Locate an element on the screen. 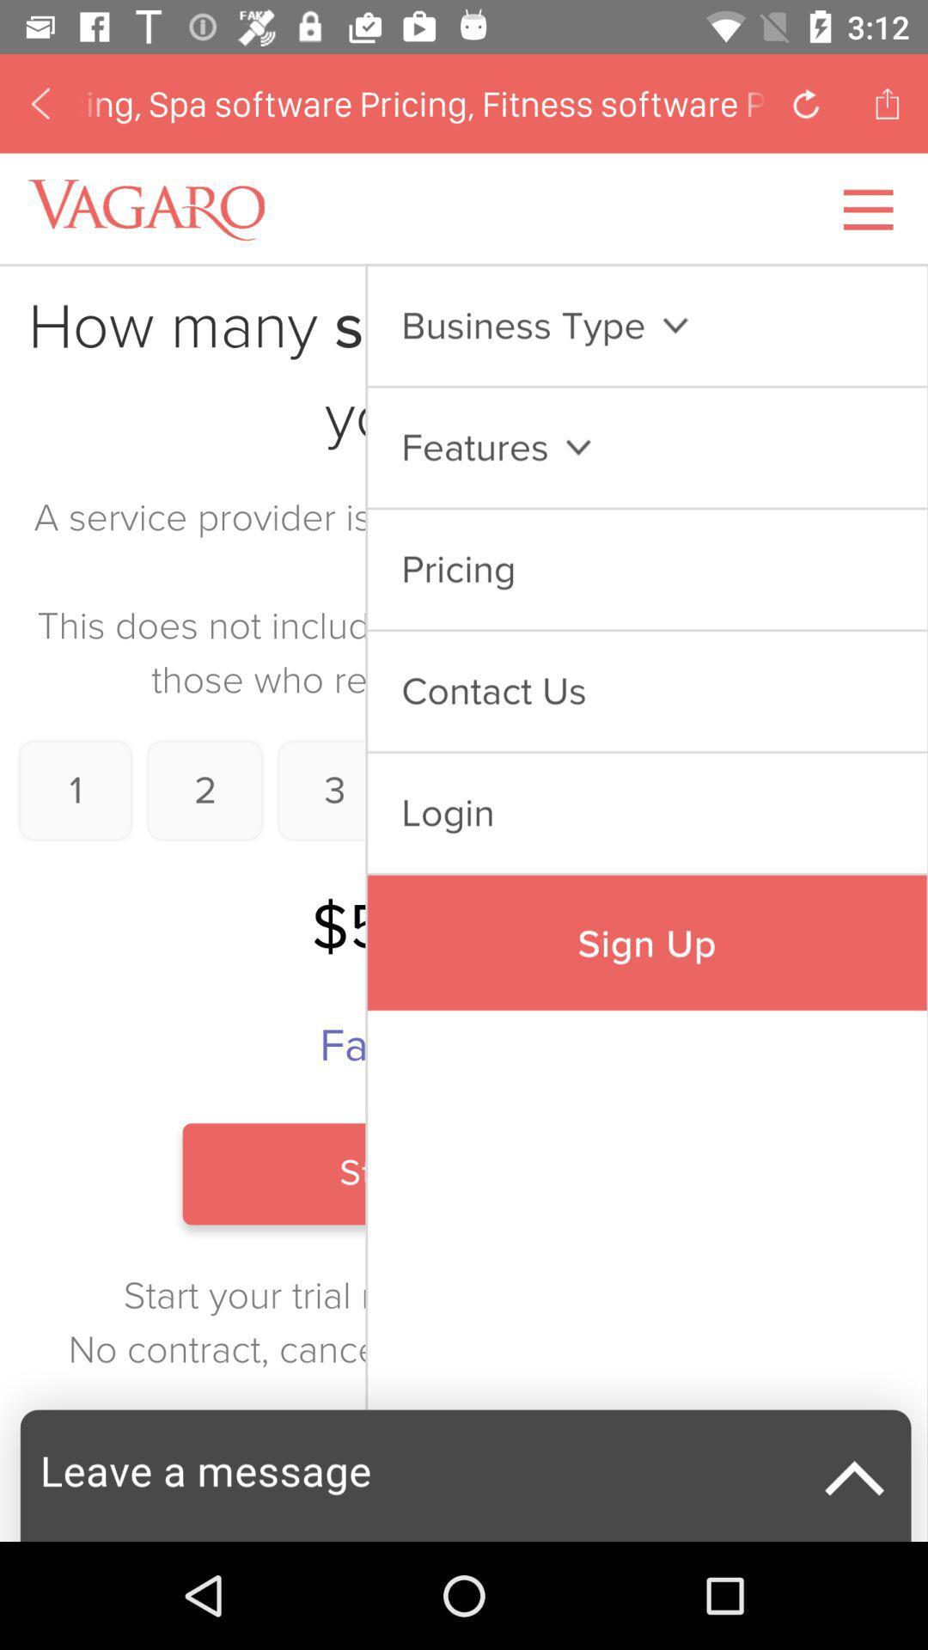  previous is located at coordinates (40, 102).